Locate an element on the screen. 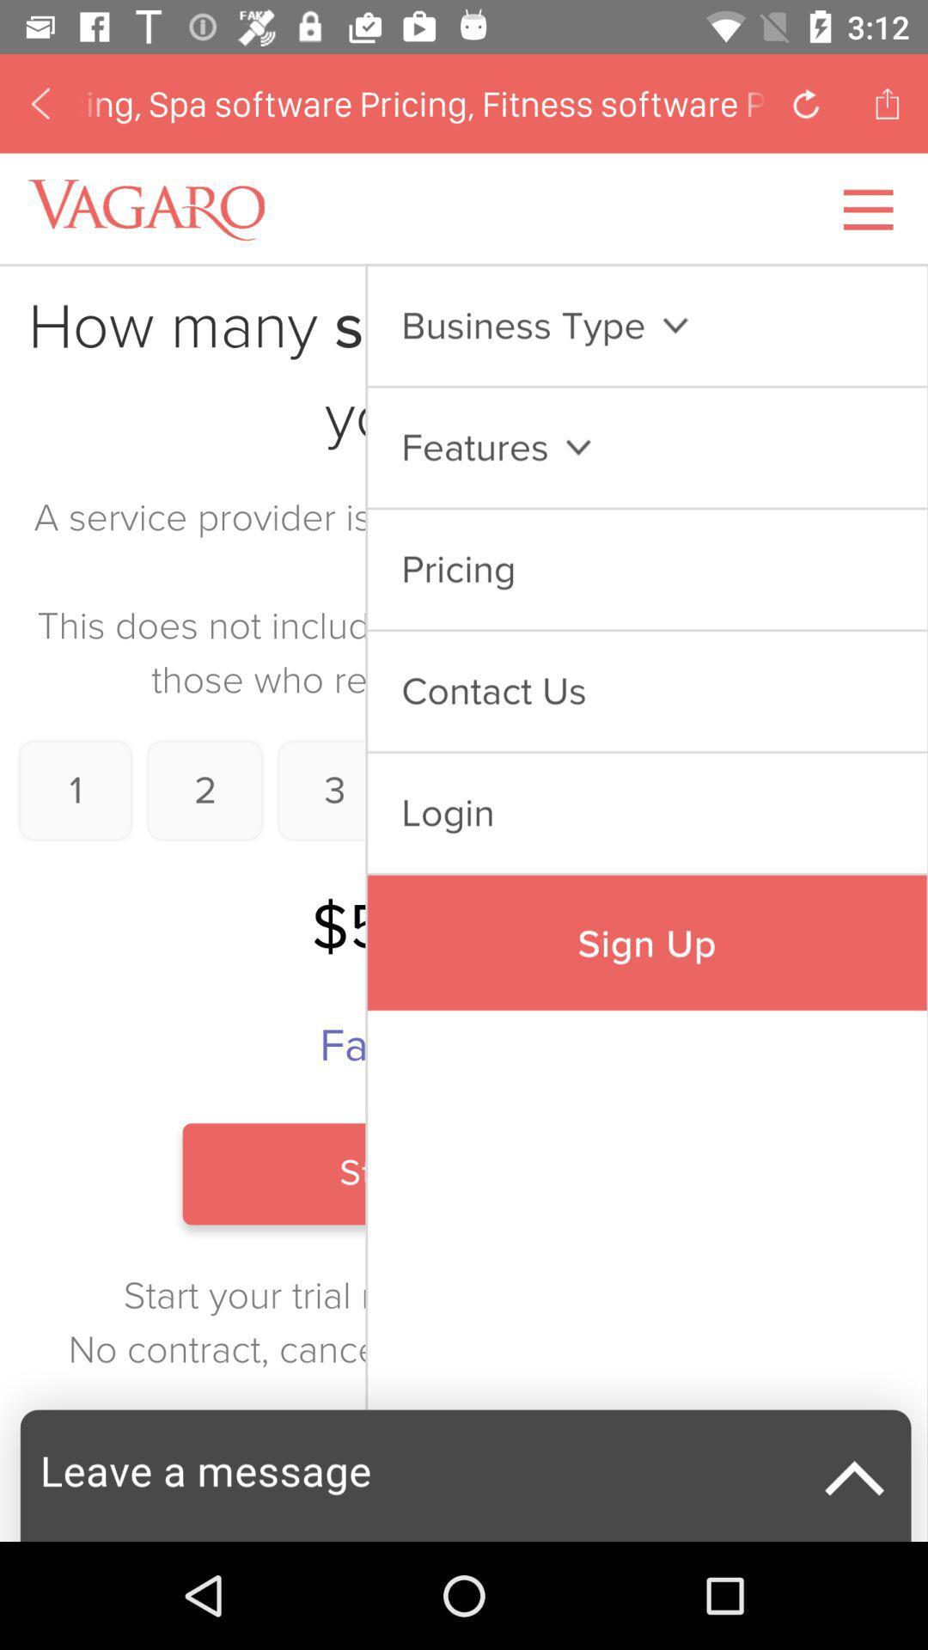  previous is located at coordinates (40, 102).